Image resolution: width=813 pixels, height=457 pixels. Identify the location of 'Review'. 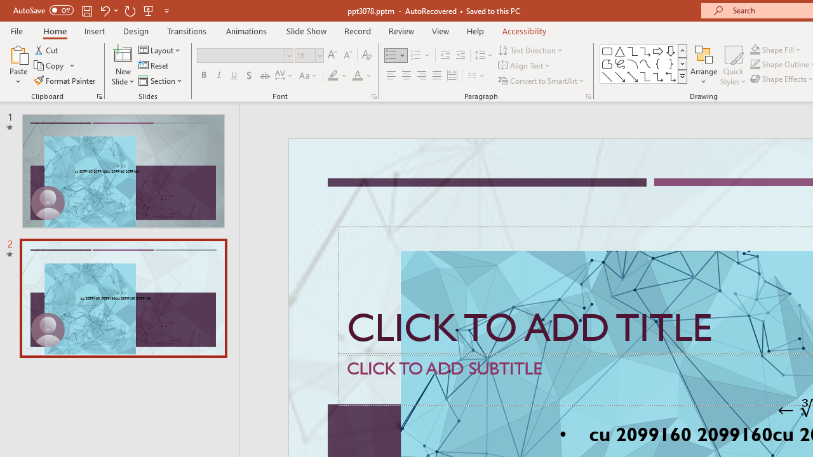
(400, 30).